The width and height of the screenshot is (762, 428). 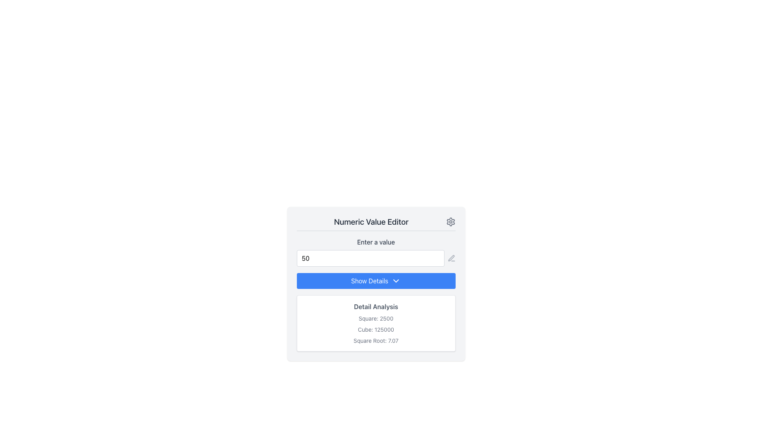 I want to click on the Text Display element that provides detailed computed mathematical values, positioned below the 'Detail Analysis' header, so click(x=375, y=330).